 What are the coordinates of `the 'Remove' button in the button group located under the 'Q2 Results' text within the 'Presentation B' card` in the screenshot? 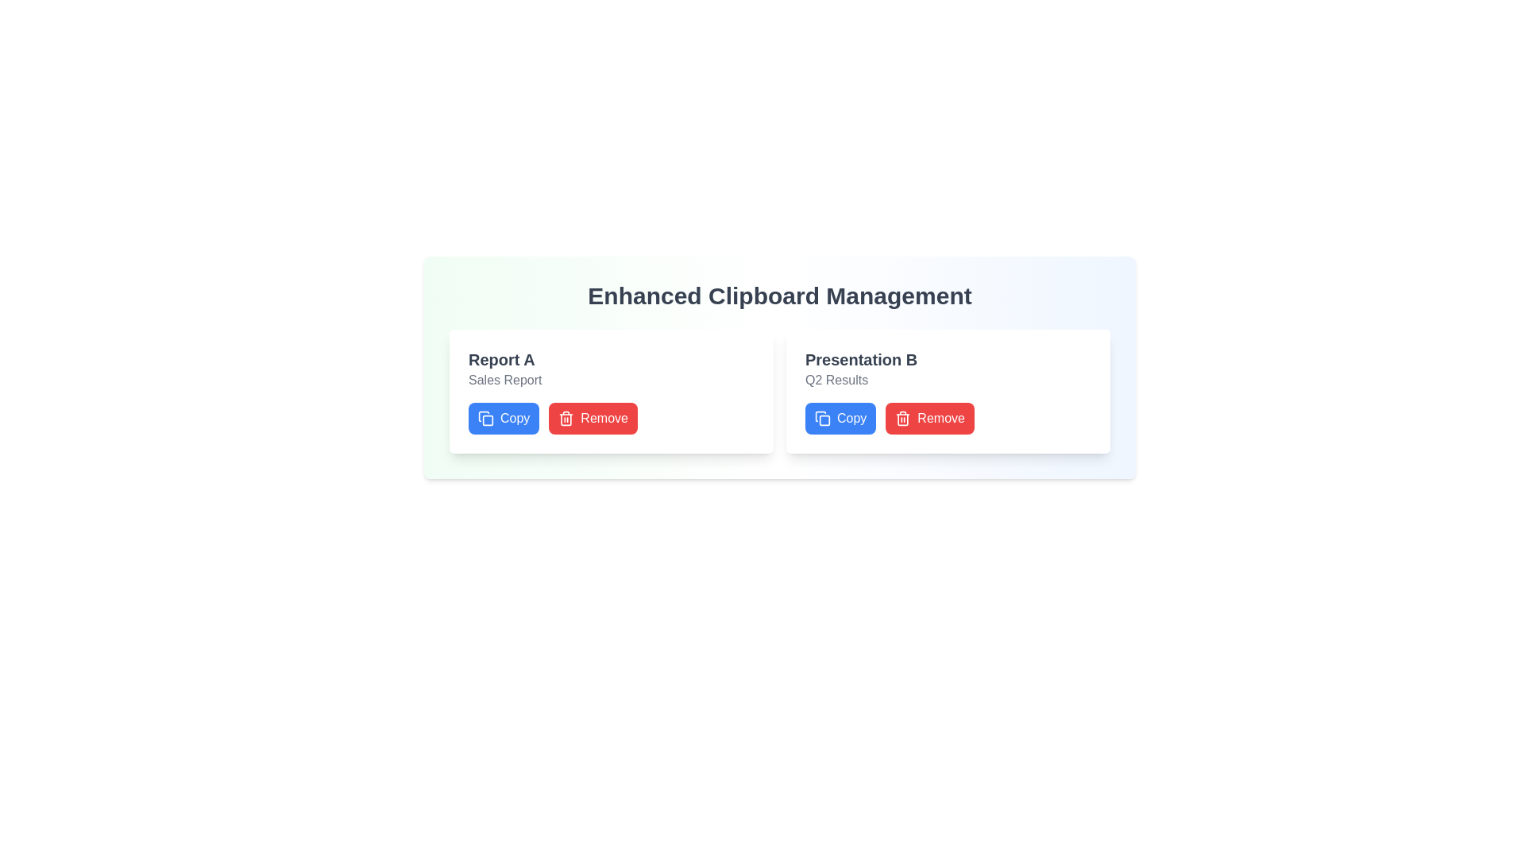 It's located at (890, 418).